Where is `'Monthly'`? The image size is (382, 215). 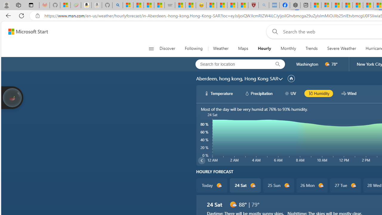
'Monthly' is located at coordinates (288, 48).